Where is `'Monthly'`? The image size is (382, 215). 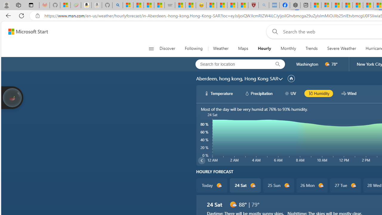
'Monthly' is located at coordinates (288, 48).